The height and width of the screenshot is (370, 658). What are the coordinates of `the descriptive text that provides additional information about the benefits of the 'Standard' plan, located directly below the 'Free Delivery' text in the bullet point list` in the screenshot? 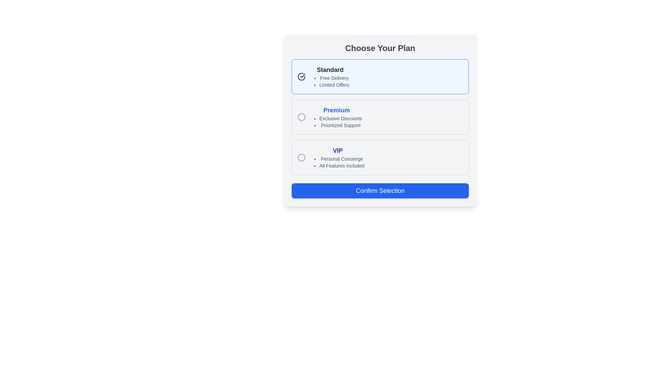 It's located at (334, 84).